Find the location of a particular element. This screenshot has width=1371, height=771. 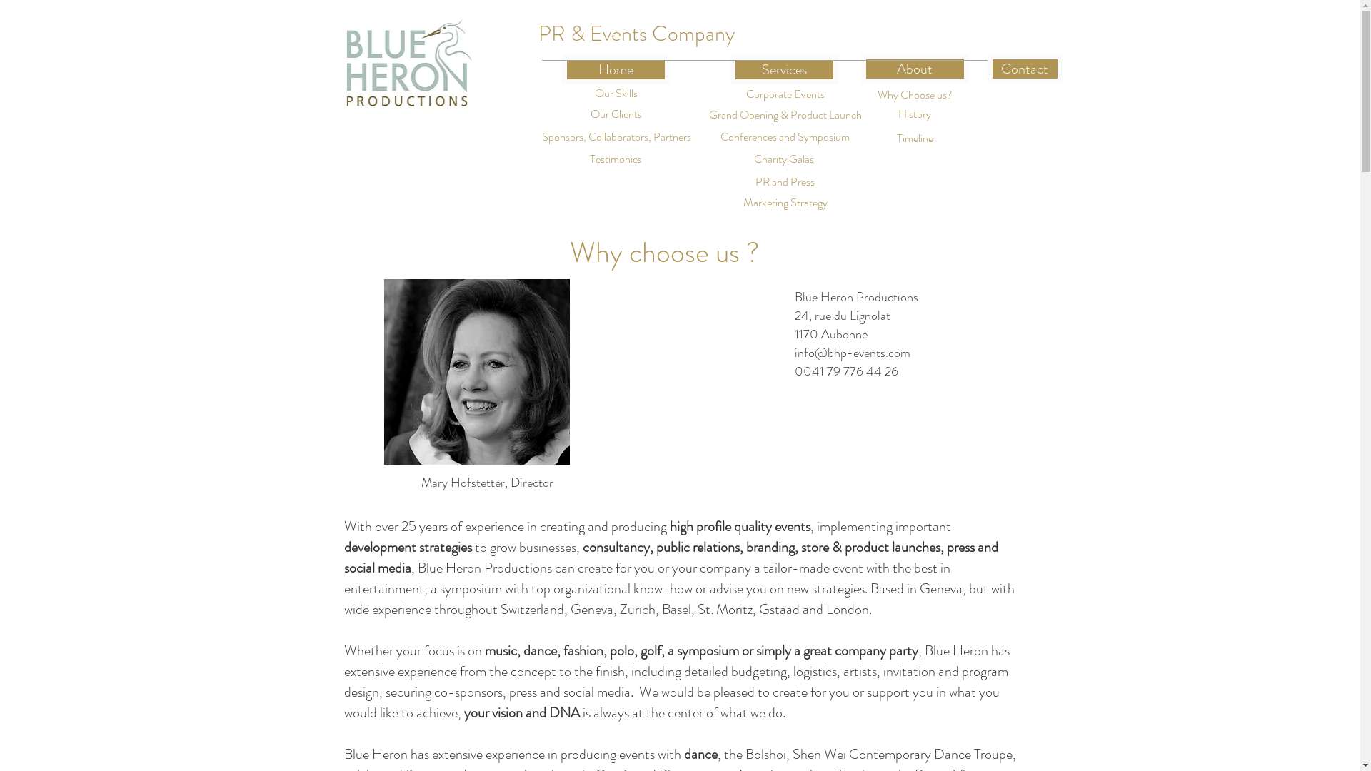

'Contact' is located at coordinates (1023, 69).